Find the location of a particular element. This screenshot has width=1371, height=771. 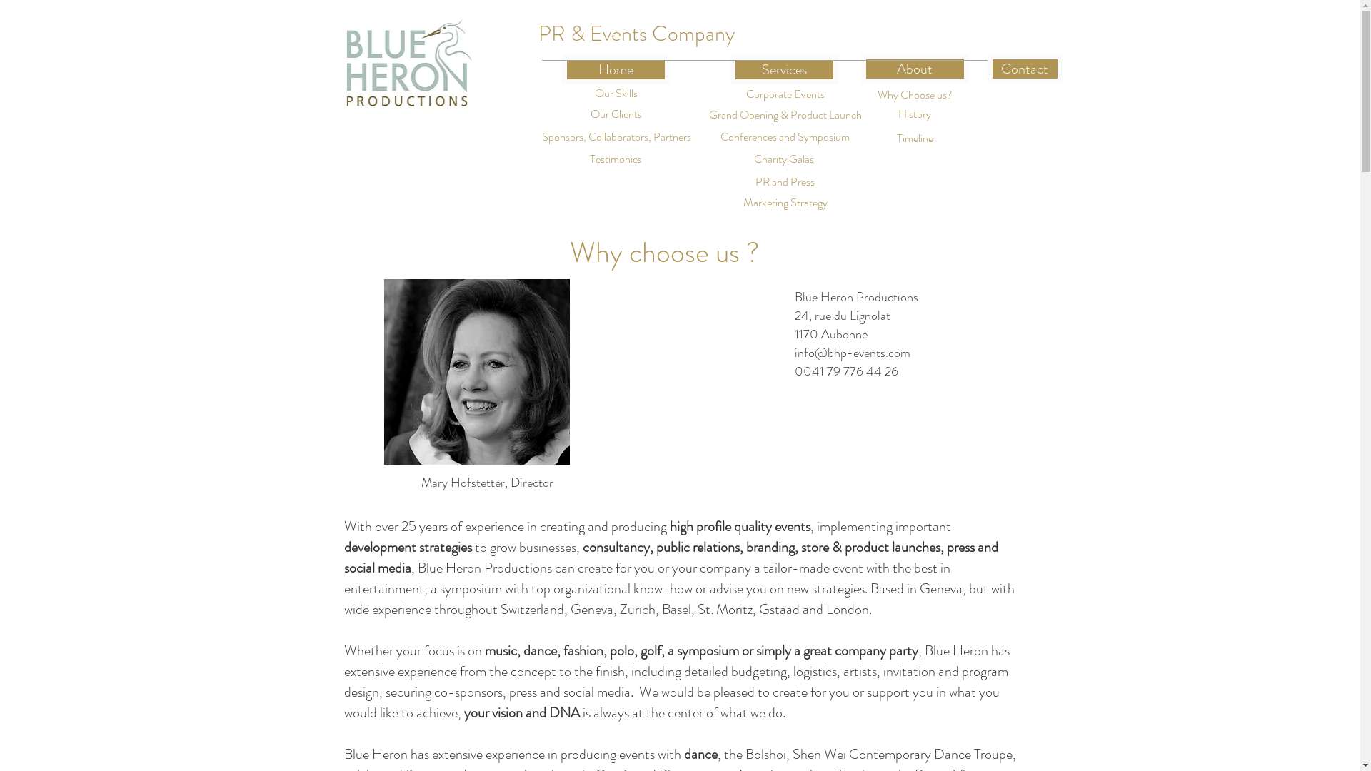

'Contact' is located at coordinates (1023, 69).